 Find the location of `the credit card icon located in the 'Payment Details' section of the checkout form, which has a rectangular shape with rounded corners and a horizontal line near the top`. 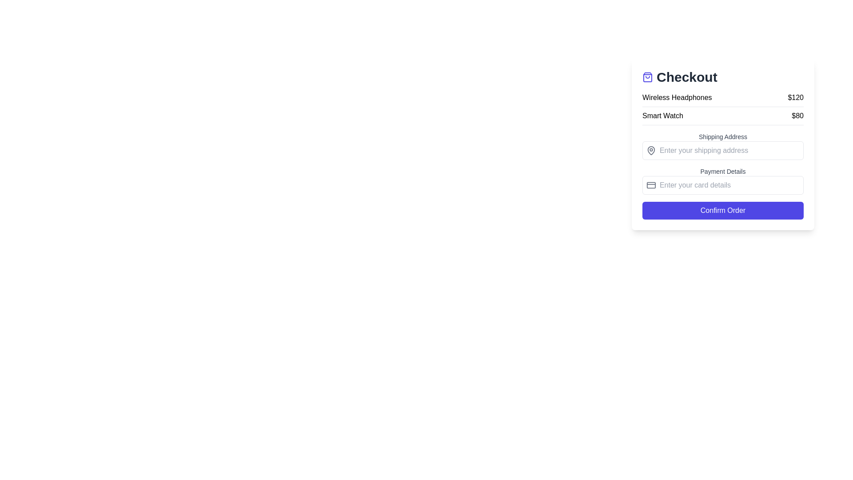

the credit card icon located in the 'Payment Details' section of the checkout form, which has a rectangular shape with rounded corners and a horizontal line near the top is located at coordinates (651, 184).